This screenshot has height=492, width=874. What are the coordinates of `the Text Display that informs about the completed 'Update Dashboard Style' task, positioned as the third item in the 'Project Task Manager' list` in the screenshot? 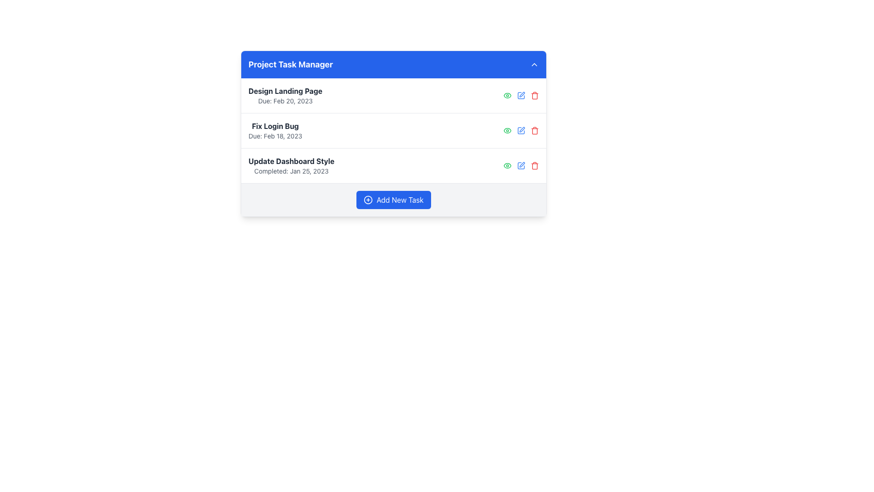 It's located at (291, 165).